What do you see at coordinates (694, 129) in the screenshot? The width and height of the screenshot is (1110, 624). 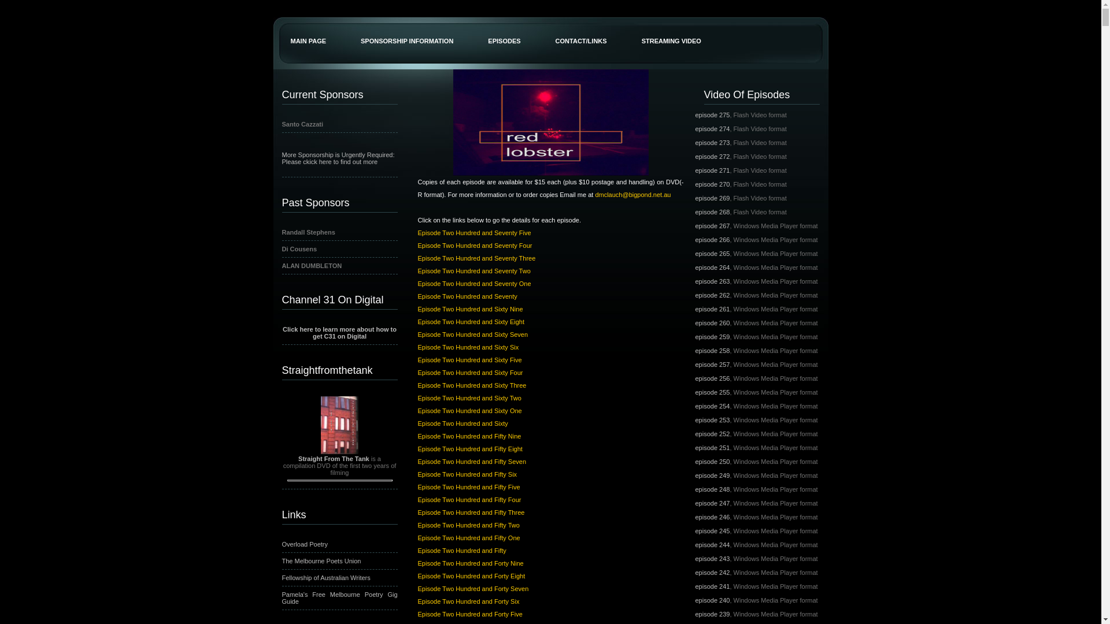 I see `'episode 274'` at bounding box center [694, 129].